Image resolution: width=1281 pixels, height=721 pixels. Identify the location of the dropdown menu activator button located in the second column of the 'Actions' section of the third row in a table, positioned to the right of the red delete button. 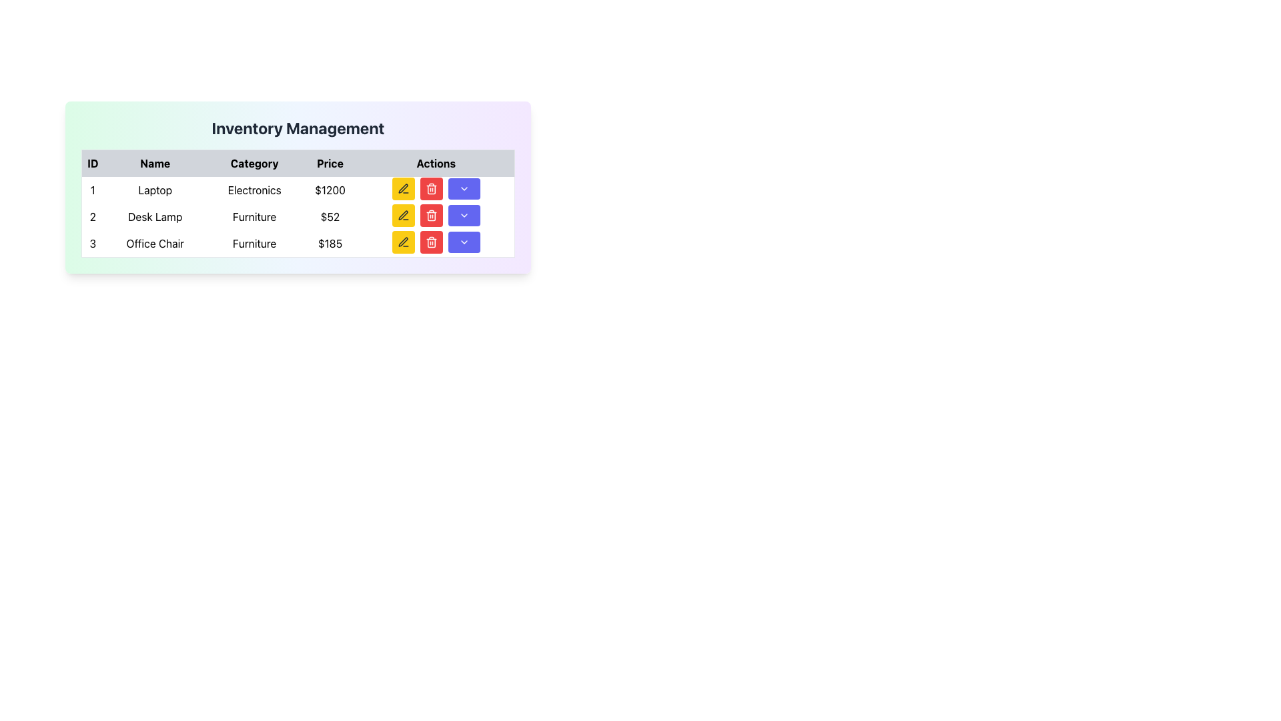
(464, 242).